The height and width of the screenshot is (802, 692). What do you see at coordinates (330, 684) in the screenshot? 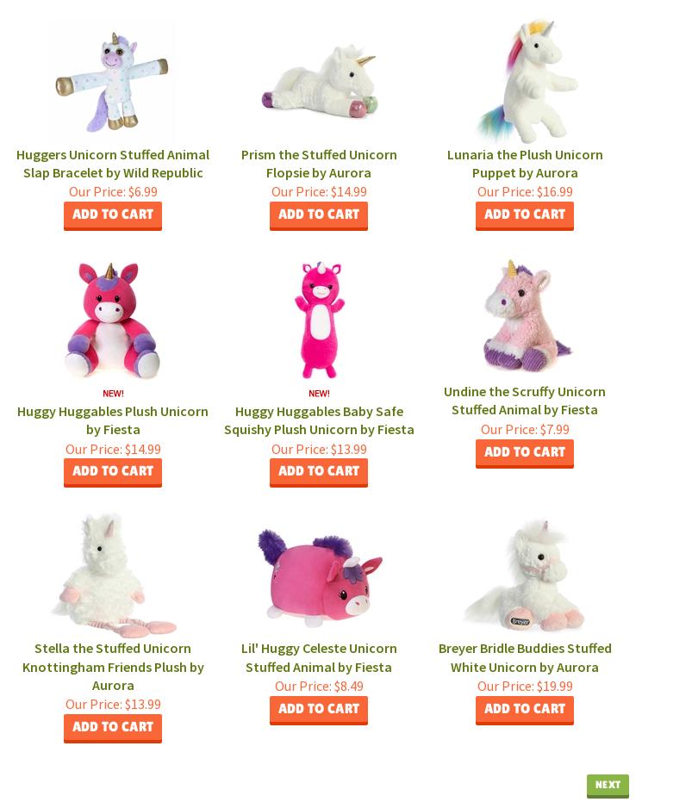
I see `'$8.49'` at bounding box center [330, 684].